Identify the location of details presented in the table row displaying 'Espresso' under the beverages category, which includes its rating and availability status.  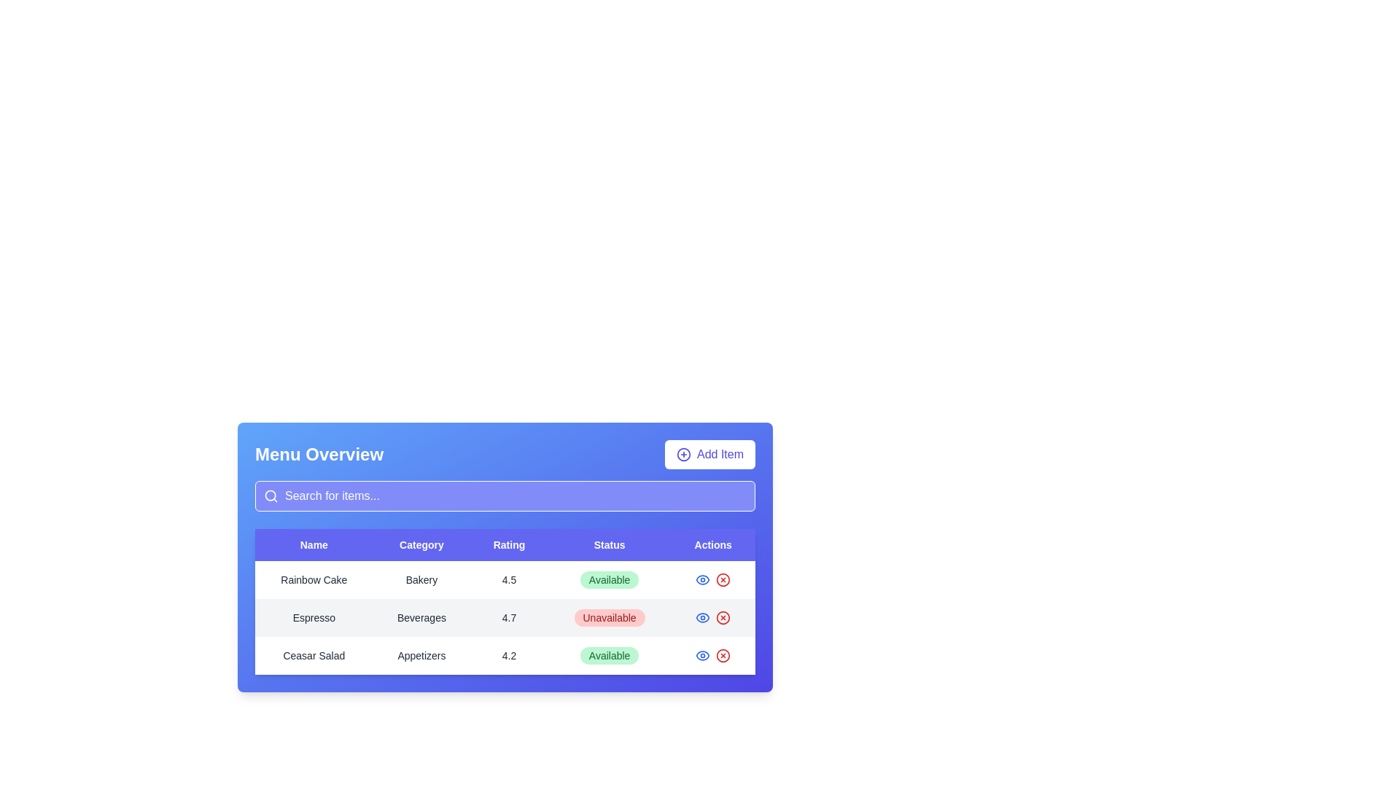
(505, 618).